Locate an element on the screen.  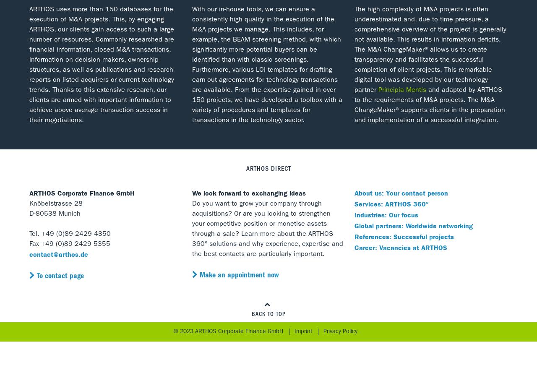
'Fax +49 (0)89 2429 5355' is located at coordinates (70, 245).